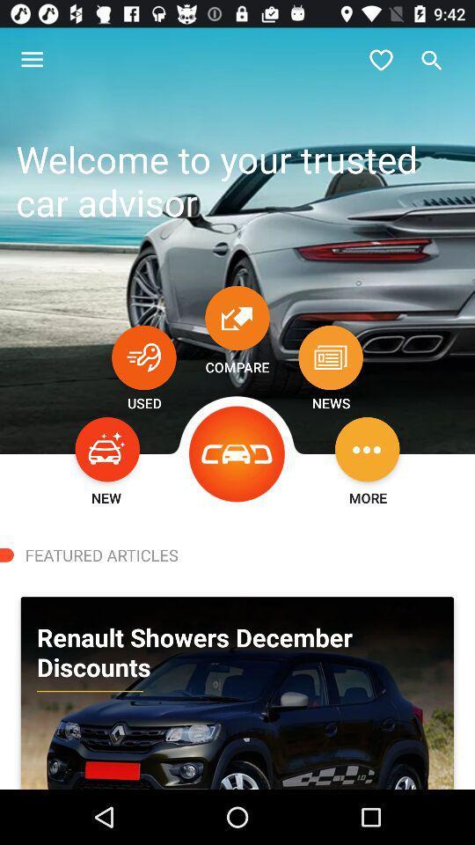 This screenshot has height=845, width=475. Describe the element at coordinates (237, 317) in the screenshot. I see `the swap icon` at that location.